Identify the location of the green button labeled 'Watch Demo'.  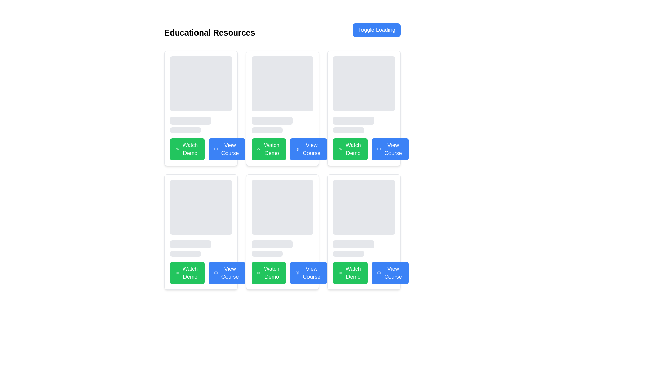
(364, 149).